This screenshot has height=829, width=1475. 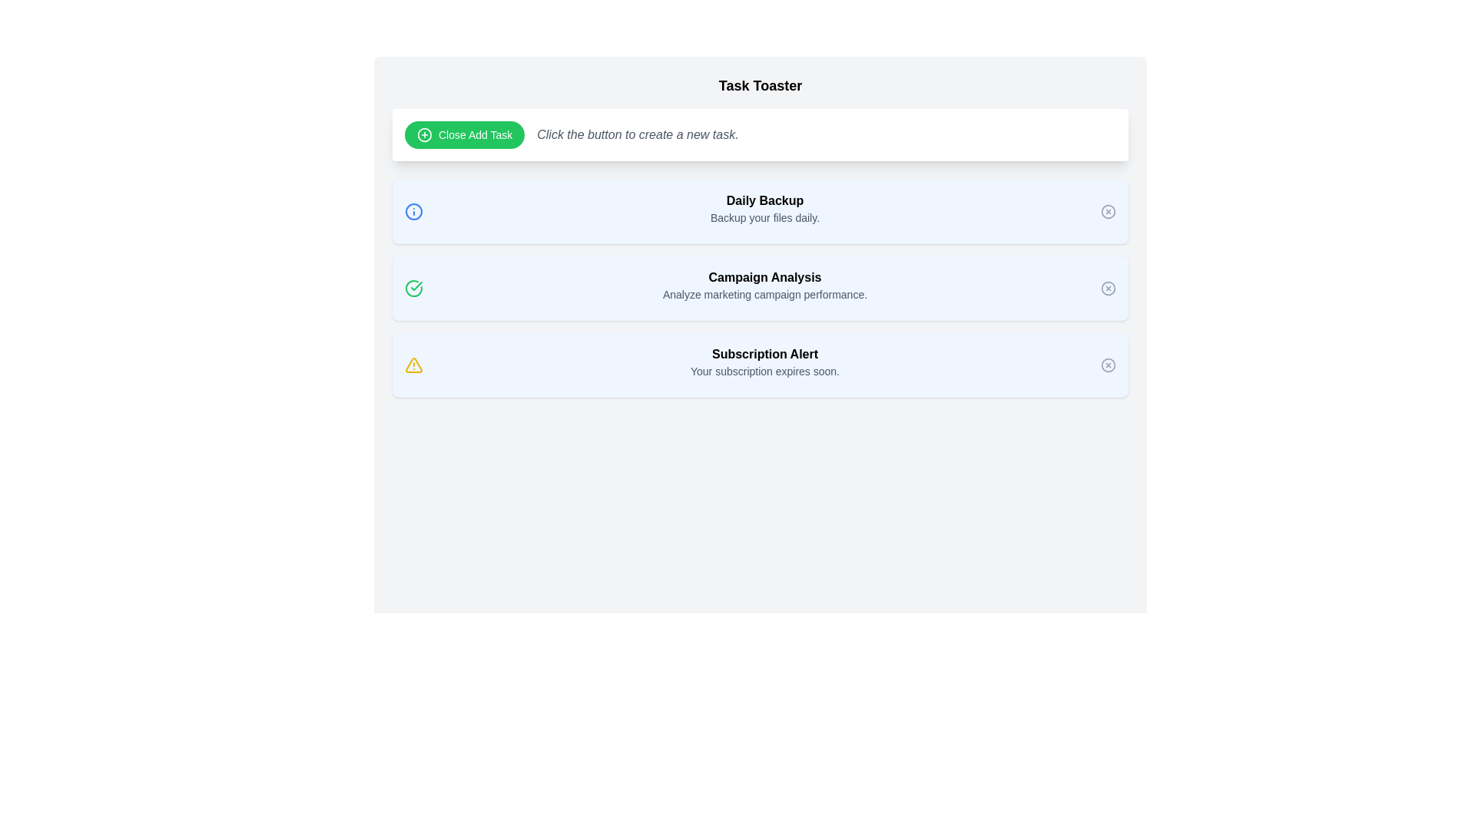 What do you see at coordinates (413, 212) in the screenshot?
I see `the leading icon of the notification box that indicates 'Daily Backup', which serves as a visual cue for information or assistance` at bounding box center [413, 212].